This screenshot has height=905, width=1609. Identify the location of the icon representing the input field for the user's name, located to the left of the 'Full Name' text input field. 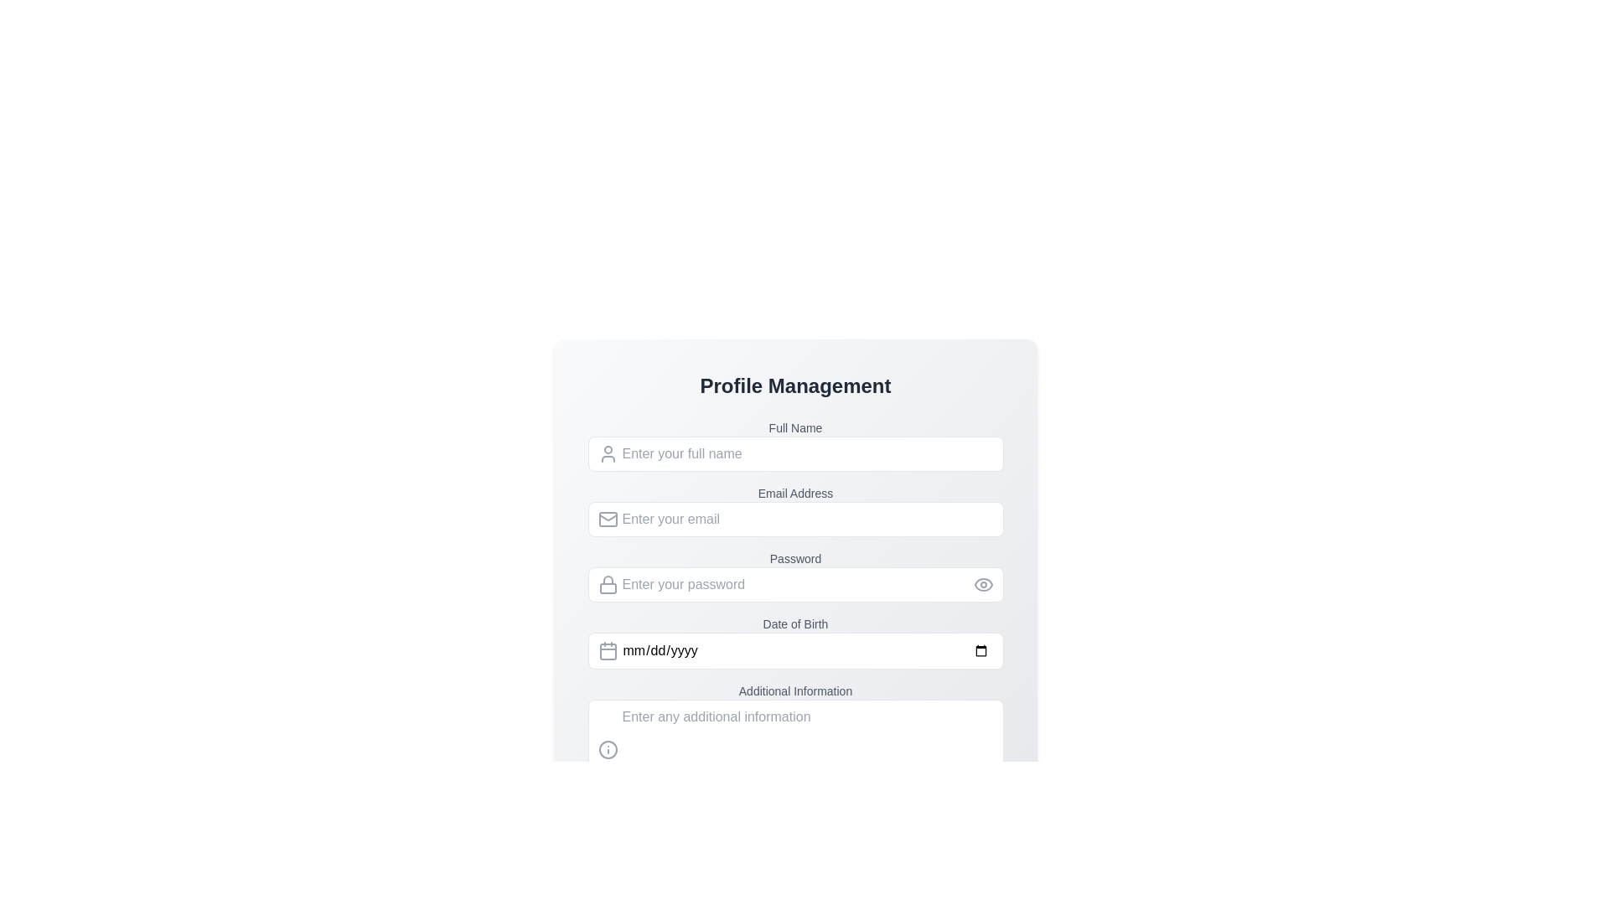
(607, 454).